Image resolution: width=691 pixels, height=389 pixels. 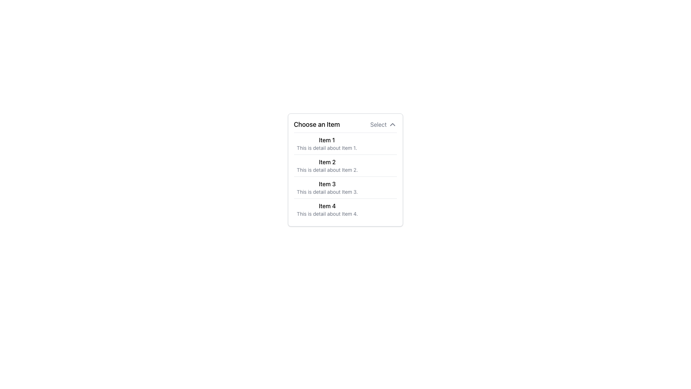 What do you see at coordinates (327, 165) in the screenshot?
I see `the second selectable list item titled 'Item 2' that displays a title and a short description, located under the title 'Choose an Item.'` at bounding box center [327, 165].